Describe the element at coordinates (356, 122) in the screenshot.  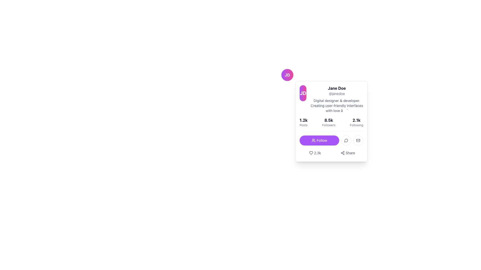
I see `text content of the information display element showing '2.1k' in bold and 'Following' in smaller gray font, located in the third section of the stats group on the user card` at that location.